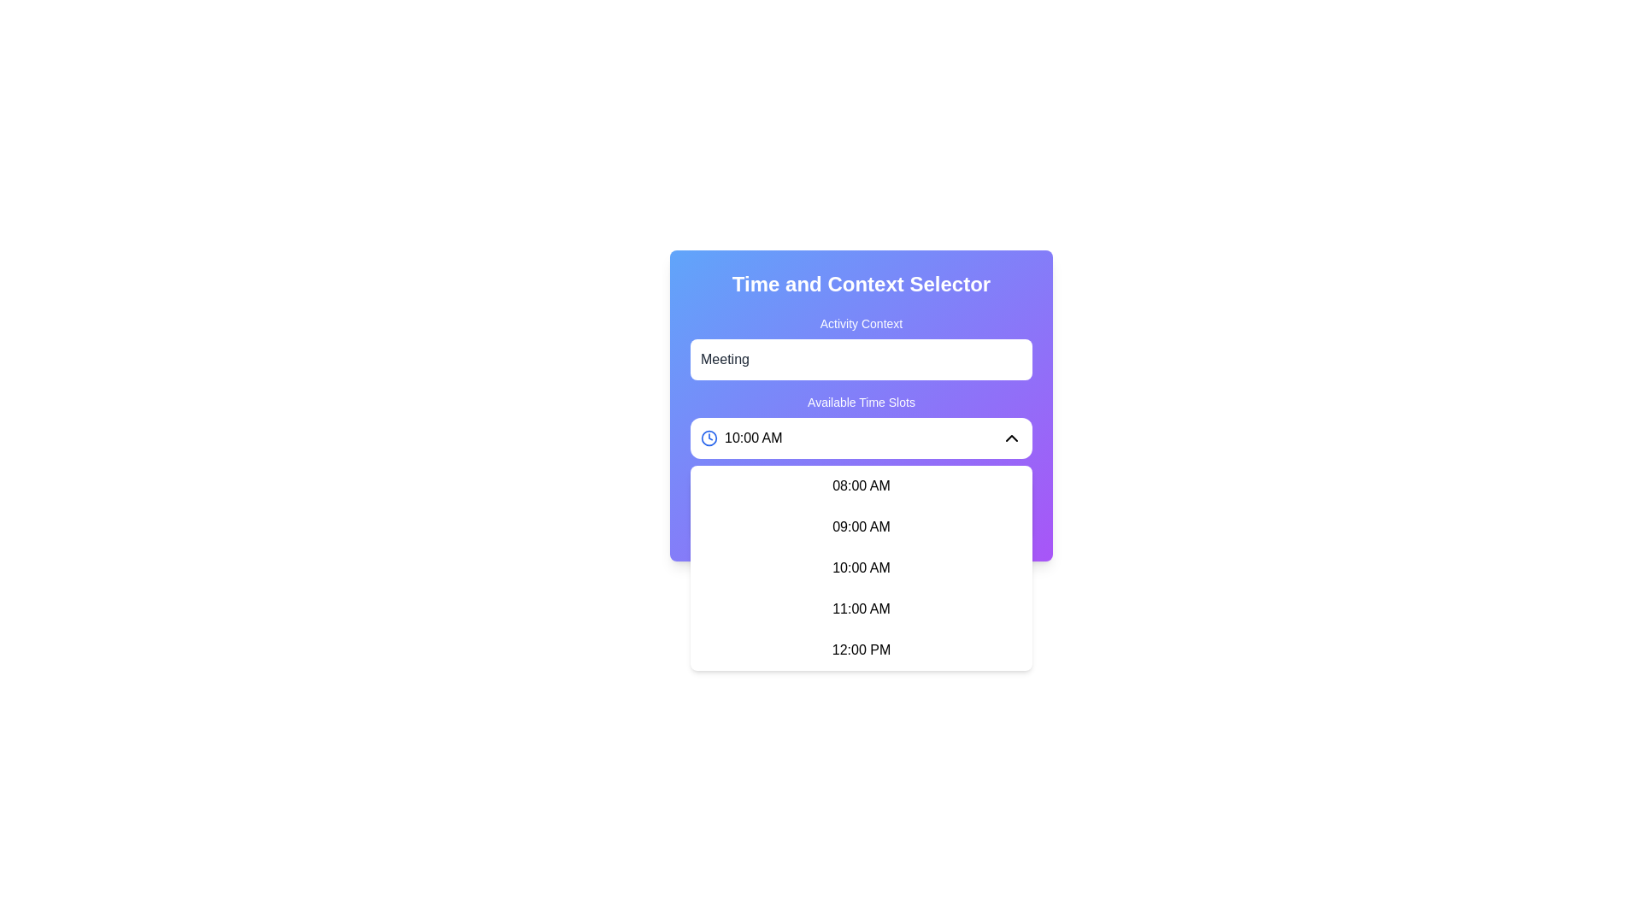 This screenshot has width=1641, height=923. Describe the element at coordinates (862, 402) in the screenshot. I see `the text element that indicates the context or purpose of the time selection dropdown, which is located above the time selection dropdown and below the 'Activity Context' input field` at that location.